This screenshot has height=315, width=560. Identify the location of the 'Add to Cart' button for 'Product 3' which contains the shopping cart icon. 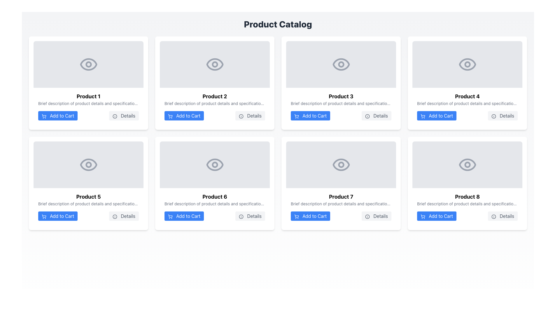
(297, 116).